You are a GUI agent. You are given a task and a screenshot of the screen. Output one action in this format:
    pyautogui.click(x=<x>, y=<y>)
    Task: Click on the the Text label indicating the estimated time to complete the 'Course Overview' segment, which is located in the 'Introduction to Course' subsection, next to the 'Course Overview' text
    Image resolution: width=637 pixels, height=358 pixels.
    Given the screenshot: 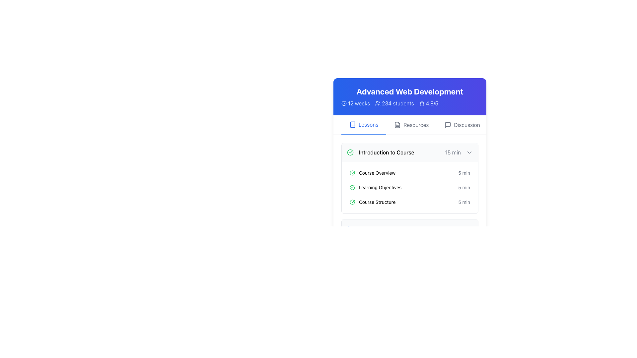 What is the action you would take?
    pyautogui.click(x=464, y=172)
    